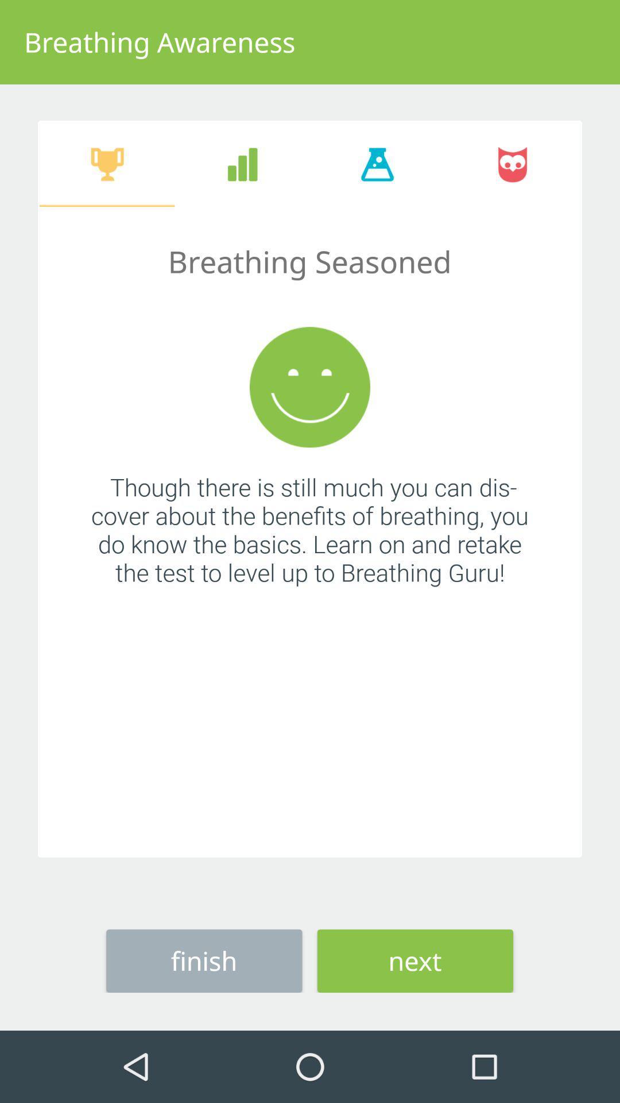 This screenshot has height=1103, width=620. What do you see at coordinates (242, 164) in the screenshot?
I see `the icon which is just right to the trophy icon` at bounding box center [242, 164].